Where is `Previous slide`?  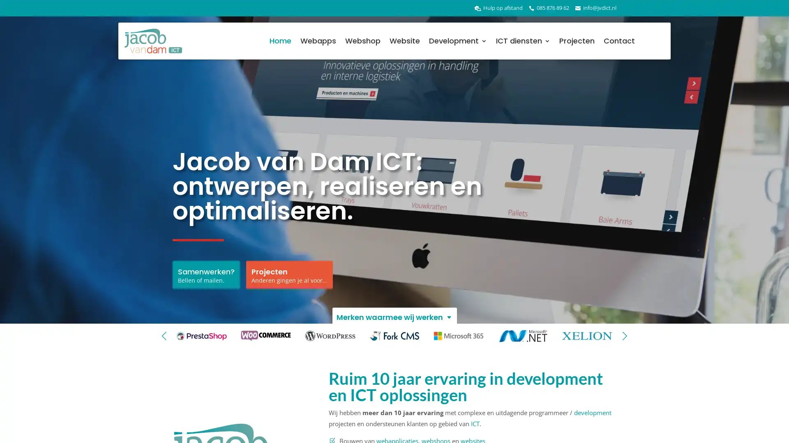 Previous slide is located at coordinates (164, 336).